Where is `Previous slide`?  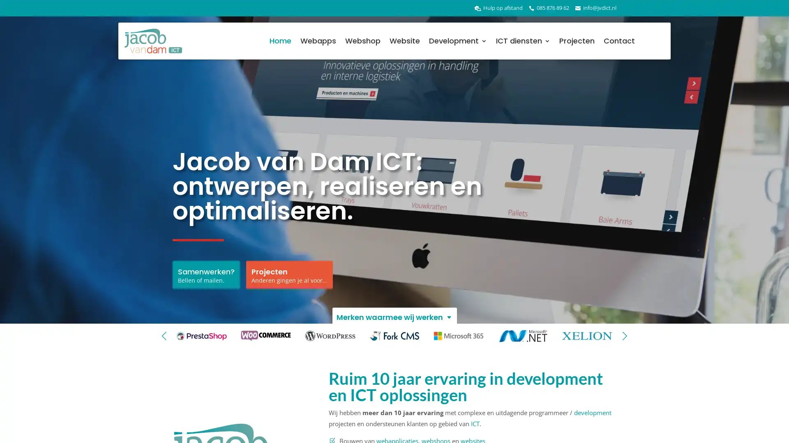 Previous slide is located at coordinates (164, 336).